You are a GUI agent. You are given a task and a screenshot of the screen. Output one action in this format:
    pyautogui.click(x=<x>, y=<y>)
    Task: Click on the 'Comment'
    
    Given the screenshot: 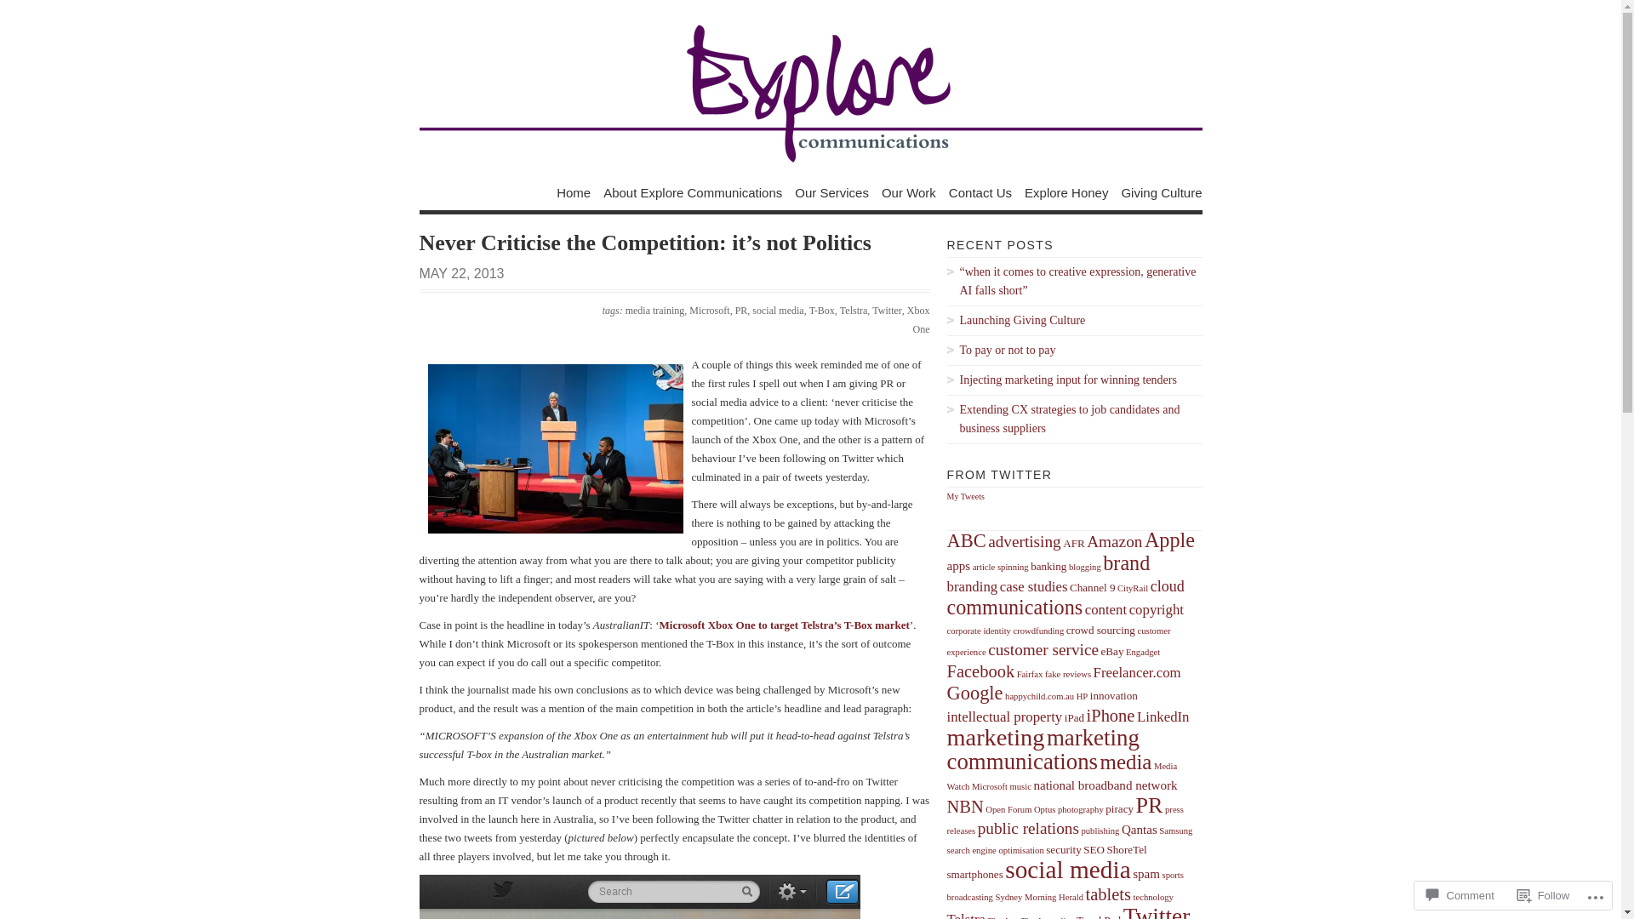 What is the action you would take?
    pyautogui.click(x=1420, y=894)
    